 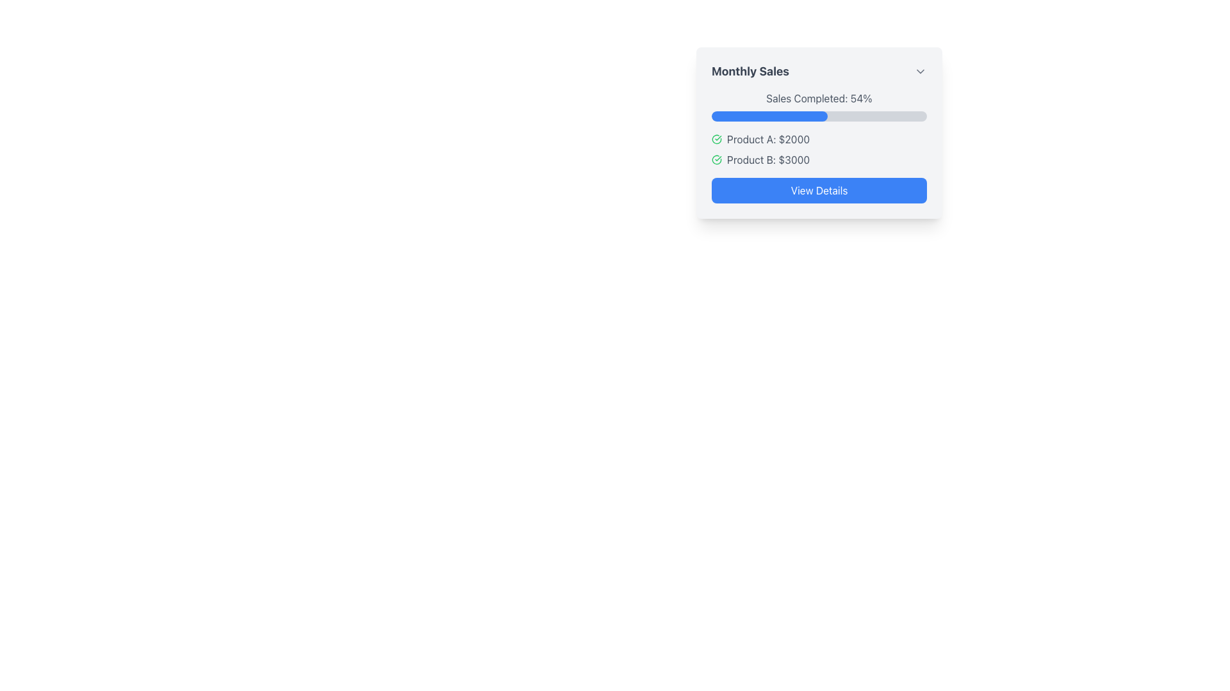 What do you see at coordinates (716, 159) in the screenshot?
I see `the small, green circular icon with a checkmark located to the left of 'Product B: $3000' in the 'Monthly Sales' section, specifically in the second row of the item list` at bounding box center [716, 159].